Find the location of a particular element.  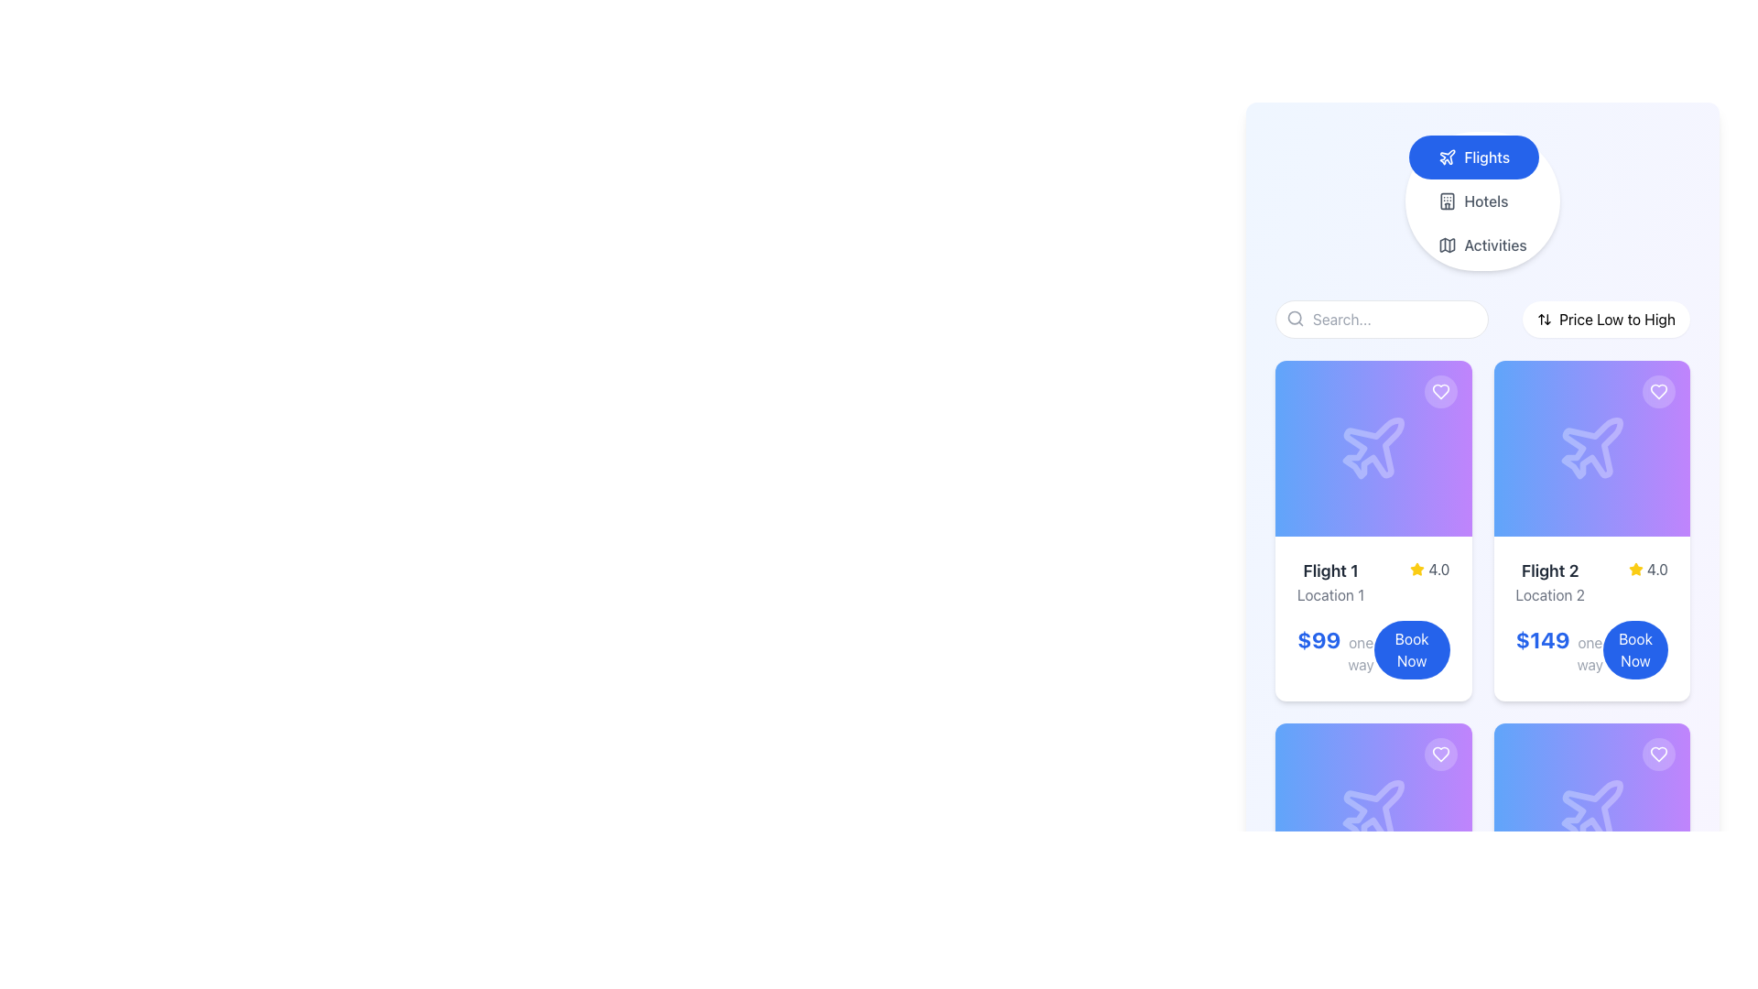

the second button in the horizontal row, which navigates to the 'Hotels' section of the application is located at coordinates (1473, 201).